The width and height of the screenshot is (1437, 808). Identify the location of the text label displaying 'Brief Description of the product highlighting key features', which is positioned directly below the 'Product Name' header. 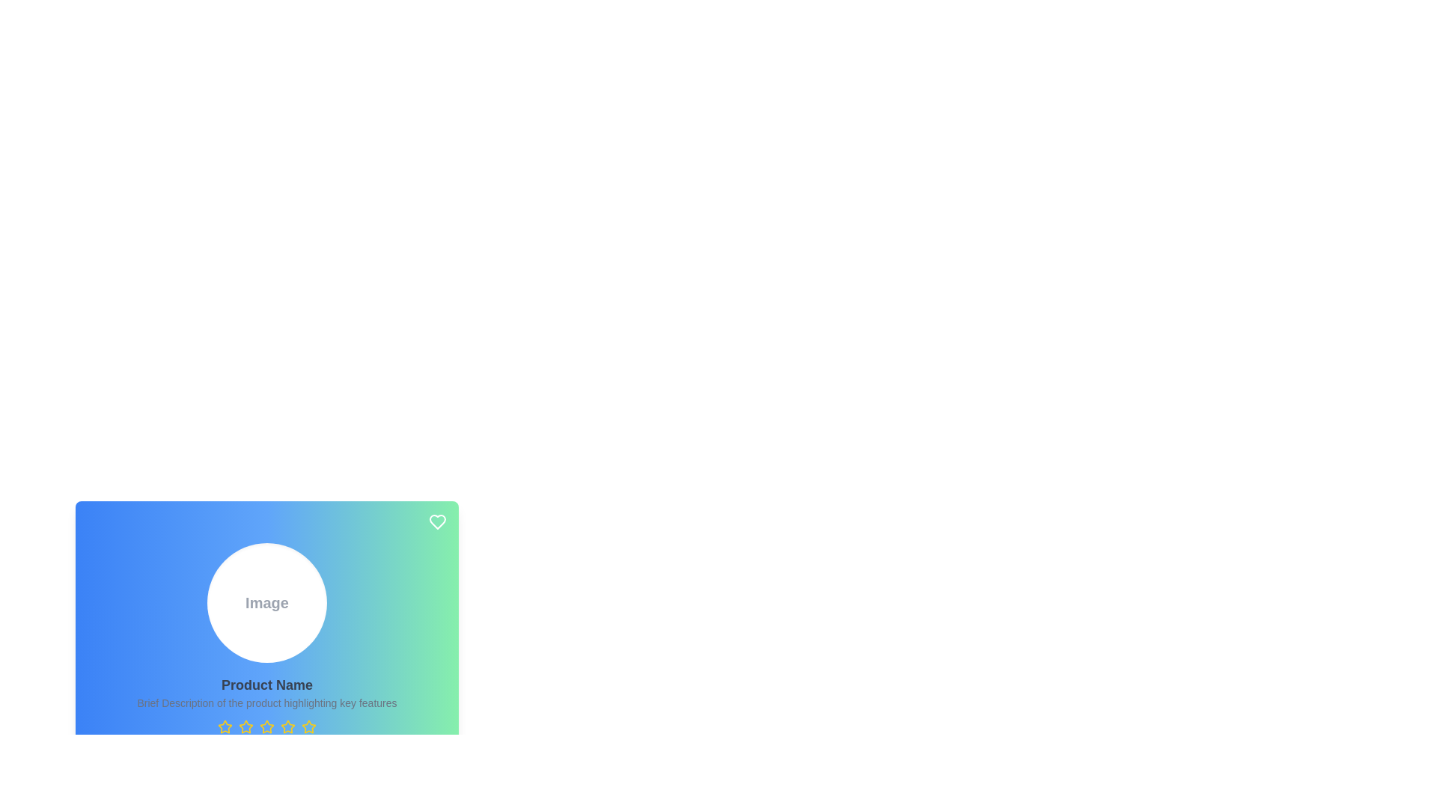
(266, 703).